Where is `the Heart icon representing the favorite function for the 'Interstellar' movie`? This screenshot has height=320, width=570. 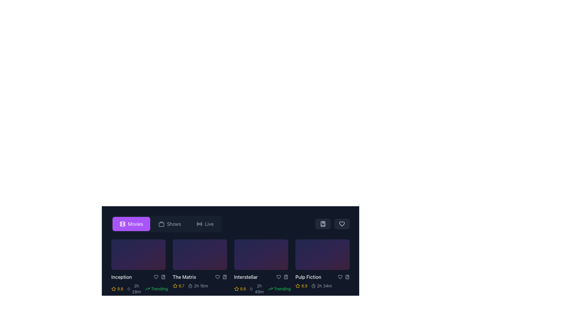 the Heart icon representing the favorite function for the 'Interstellar' movie is located at coordinates (278, 277).